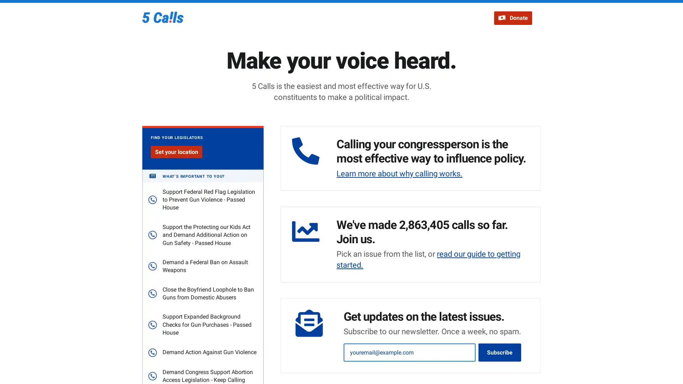 This screenshot has height=384, width=683. What do you see at coordinates (176, 151) in the screenshot?
I see `Set your location` at bounding box center [176, 151].